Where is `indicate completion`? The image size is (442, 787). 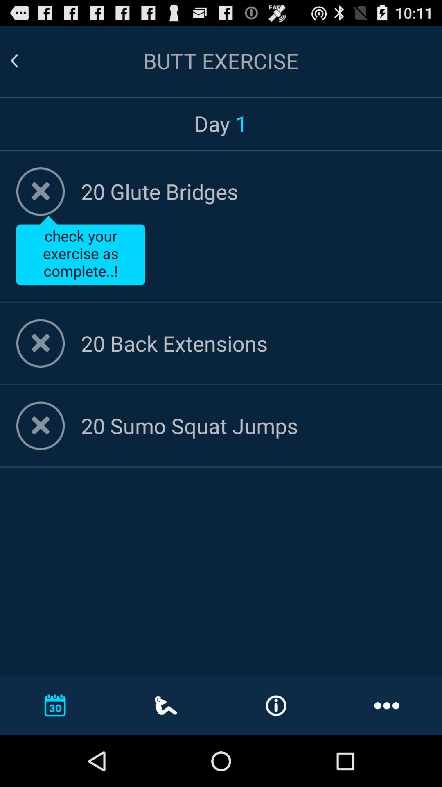
indicate completion is located at coordinates (41, 191).